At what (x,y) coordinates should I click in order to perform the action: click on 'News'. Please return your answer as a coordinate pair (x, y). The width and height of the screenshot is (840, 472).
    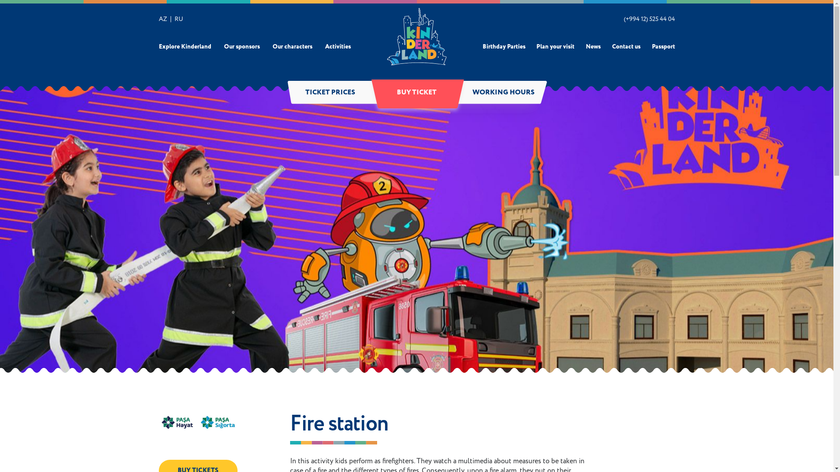
    Looking at the image, I should click on (593, 47).